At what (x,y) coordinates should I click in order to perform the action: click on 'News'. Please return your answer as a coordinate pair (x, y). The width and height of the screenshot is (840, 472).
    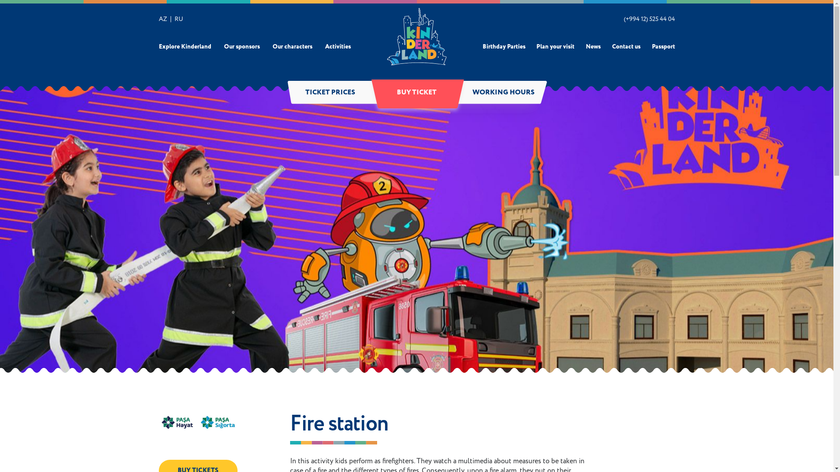
    Looking at the image, I should click on (593, 47).